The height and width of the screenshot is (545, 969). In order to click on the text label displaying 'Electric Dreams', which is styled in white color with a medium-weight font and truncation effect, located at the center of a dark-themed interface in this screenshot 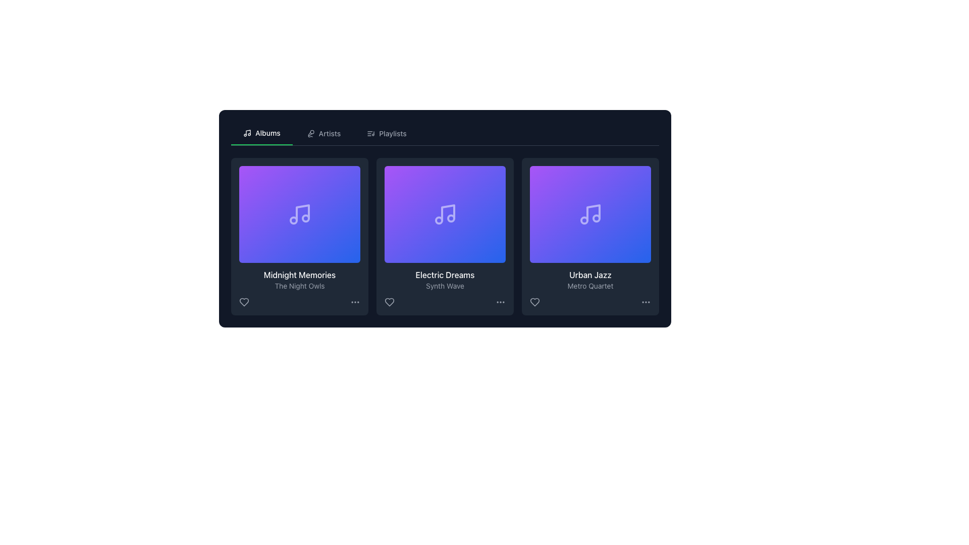, I will do `click(445, 275)`.